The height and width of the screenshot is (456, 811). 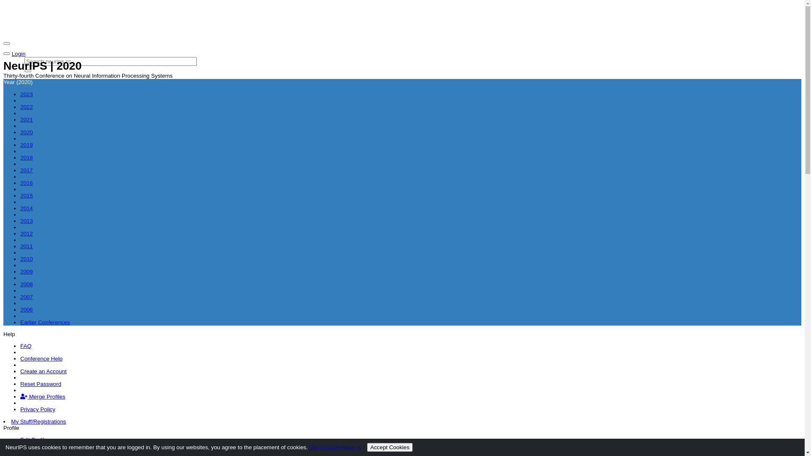 What do you see at coordinates (26, 346) in the screenshot?
I see `'FAQ'` at bounding box center [26, 346].